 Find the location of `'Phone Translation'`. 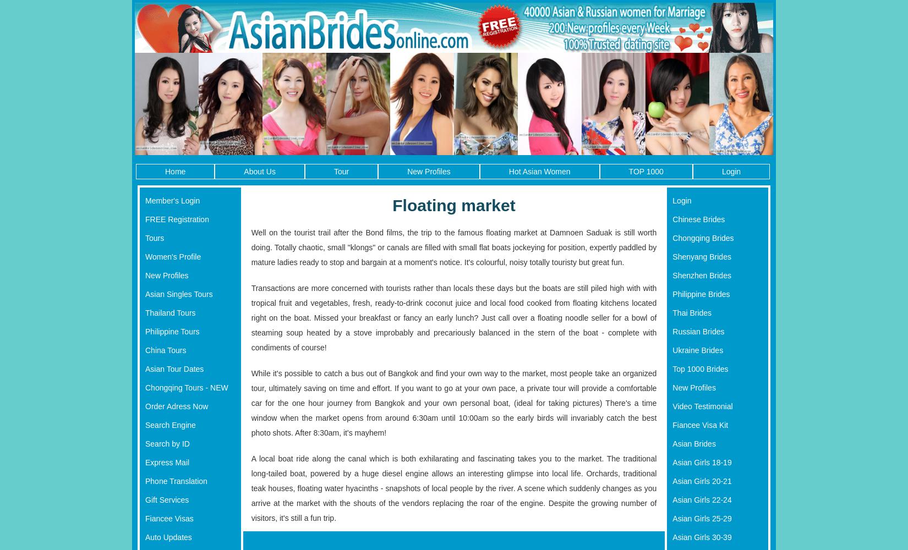

'Phone Translation' is located at coordinates (145, 480).